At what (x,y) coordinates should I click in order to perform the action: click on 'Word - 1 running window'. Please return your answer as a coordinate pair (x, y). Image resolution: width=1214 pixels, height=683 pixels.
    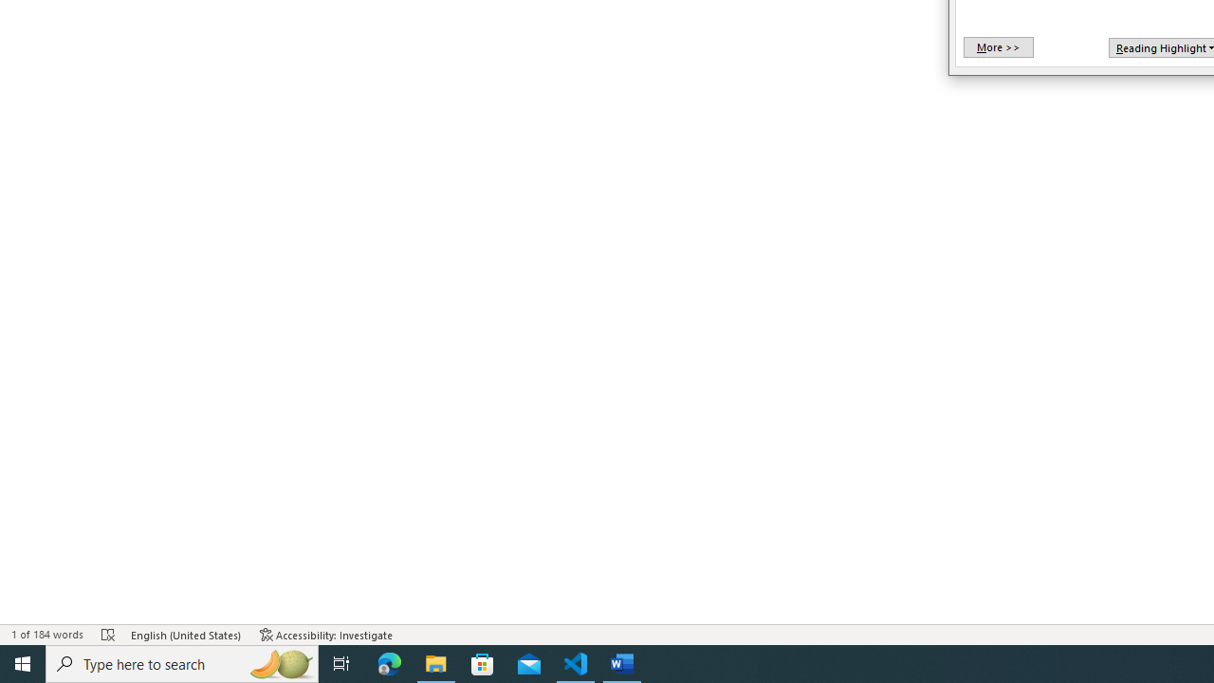
    Looking at the image, I should click on (622, 662).